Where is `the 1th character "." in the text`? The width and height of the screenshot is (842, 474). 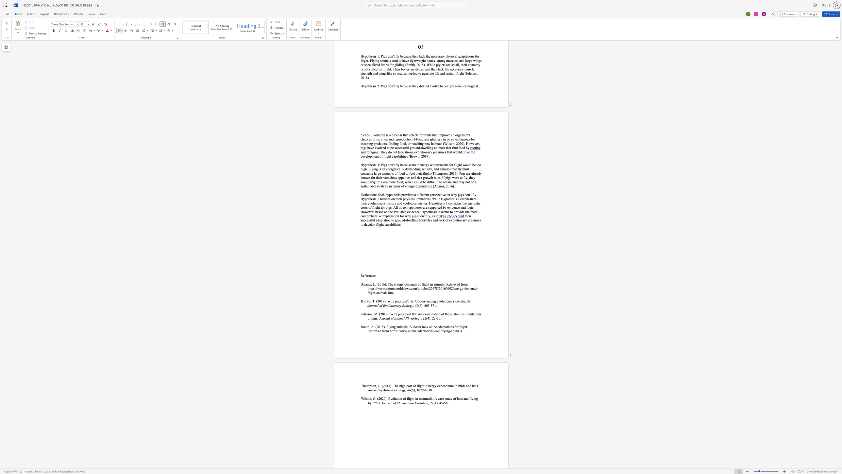
the 1th character "." in the text is located at coordinates (379, 403).